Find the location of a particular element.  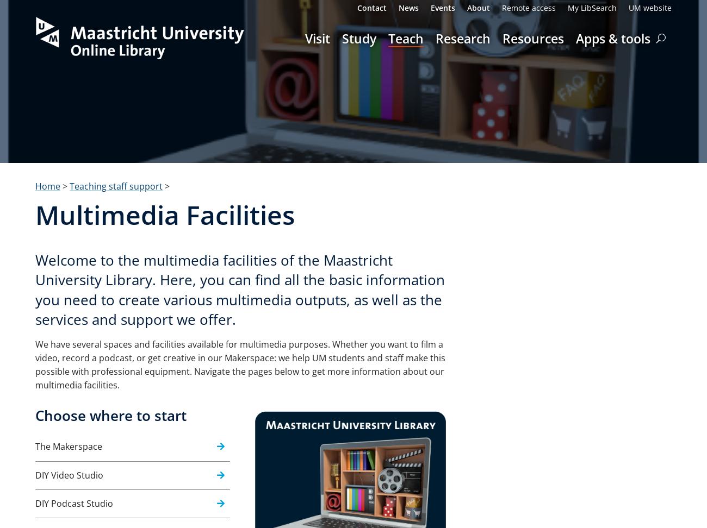

'Remote access' is located at coordinates (529, 8).